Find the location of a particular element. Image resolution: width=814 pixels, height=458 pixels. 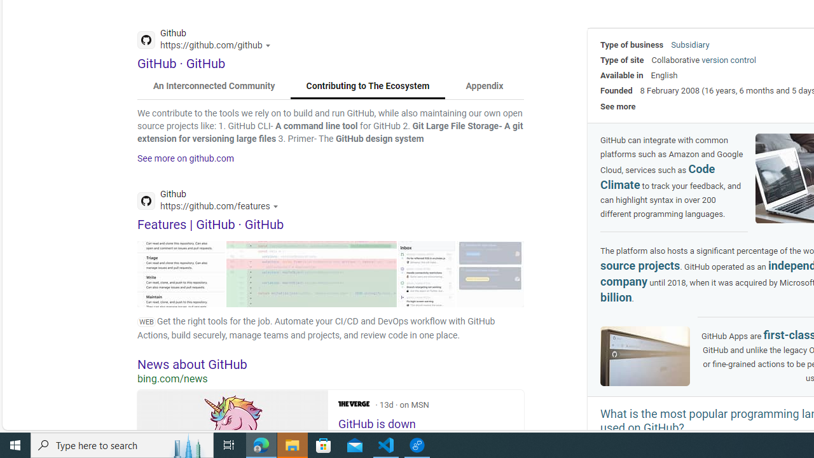

'Global web icon' is located at coordinates (146, 200).